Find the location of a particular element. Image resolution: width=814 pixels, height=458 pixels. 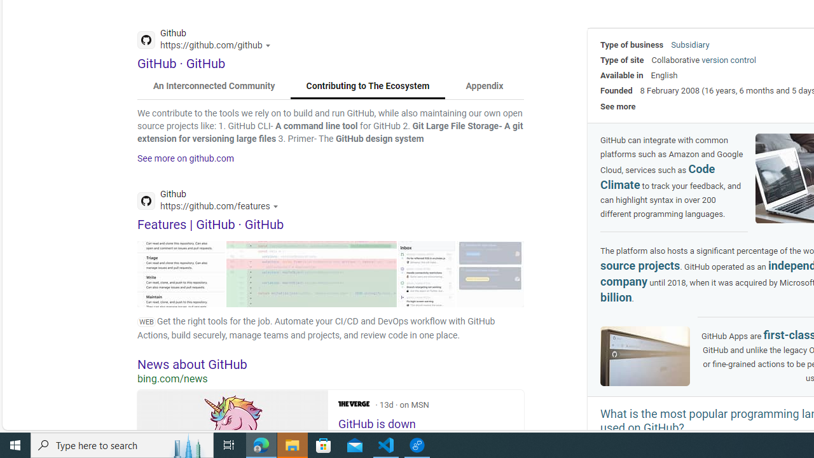

'Global web icon' is located at coordinates (146, 200).